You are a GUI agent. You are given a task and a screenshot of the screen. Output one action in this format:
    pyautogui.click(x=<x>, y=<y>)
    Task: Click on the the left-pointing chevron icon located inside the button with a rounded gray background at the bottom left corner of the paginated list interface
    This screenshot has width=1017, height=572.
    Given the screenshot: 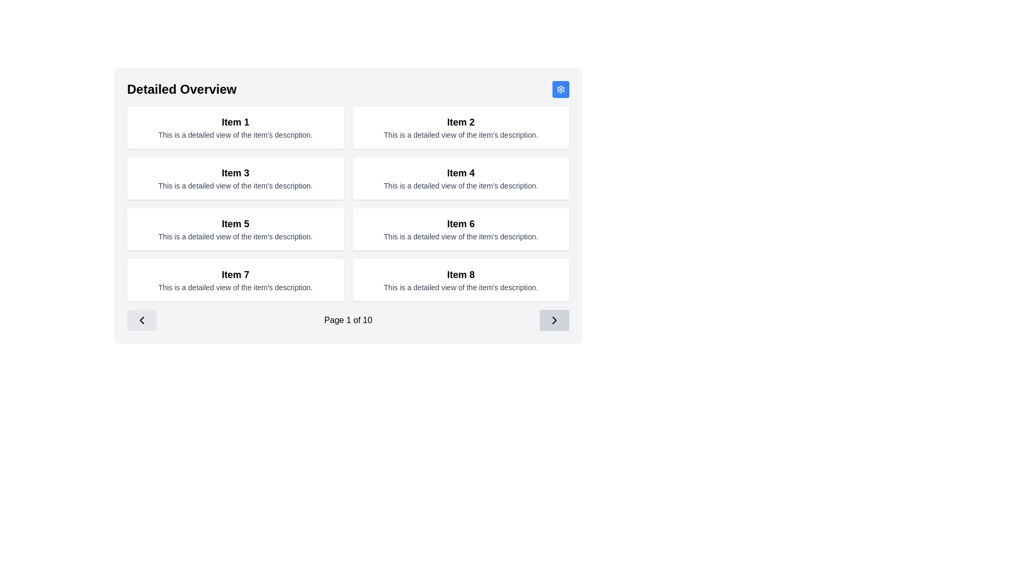 What is the action you would take?
    pyautogui.click(x=141, y=320)
    